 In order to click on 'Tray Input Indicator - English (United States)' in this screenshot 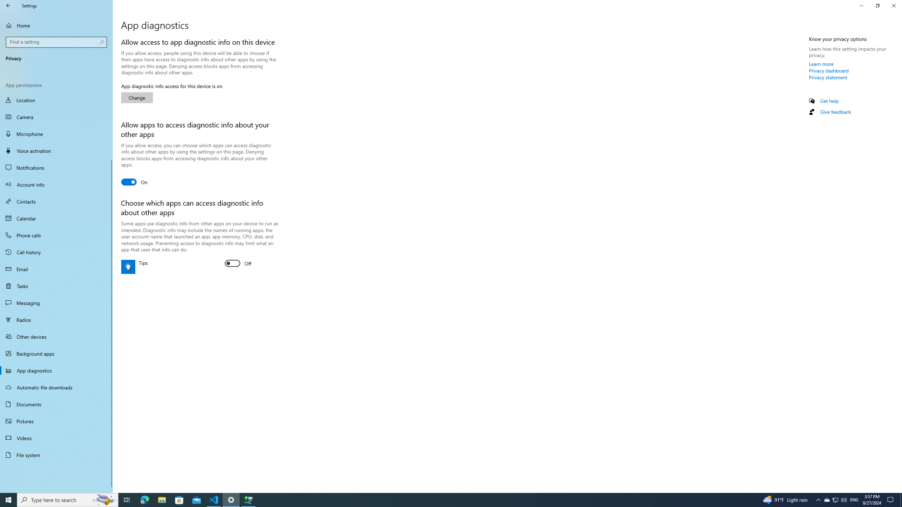, I will do `click(854, 499)`.